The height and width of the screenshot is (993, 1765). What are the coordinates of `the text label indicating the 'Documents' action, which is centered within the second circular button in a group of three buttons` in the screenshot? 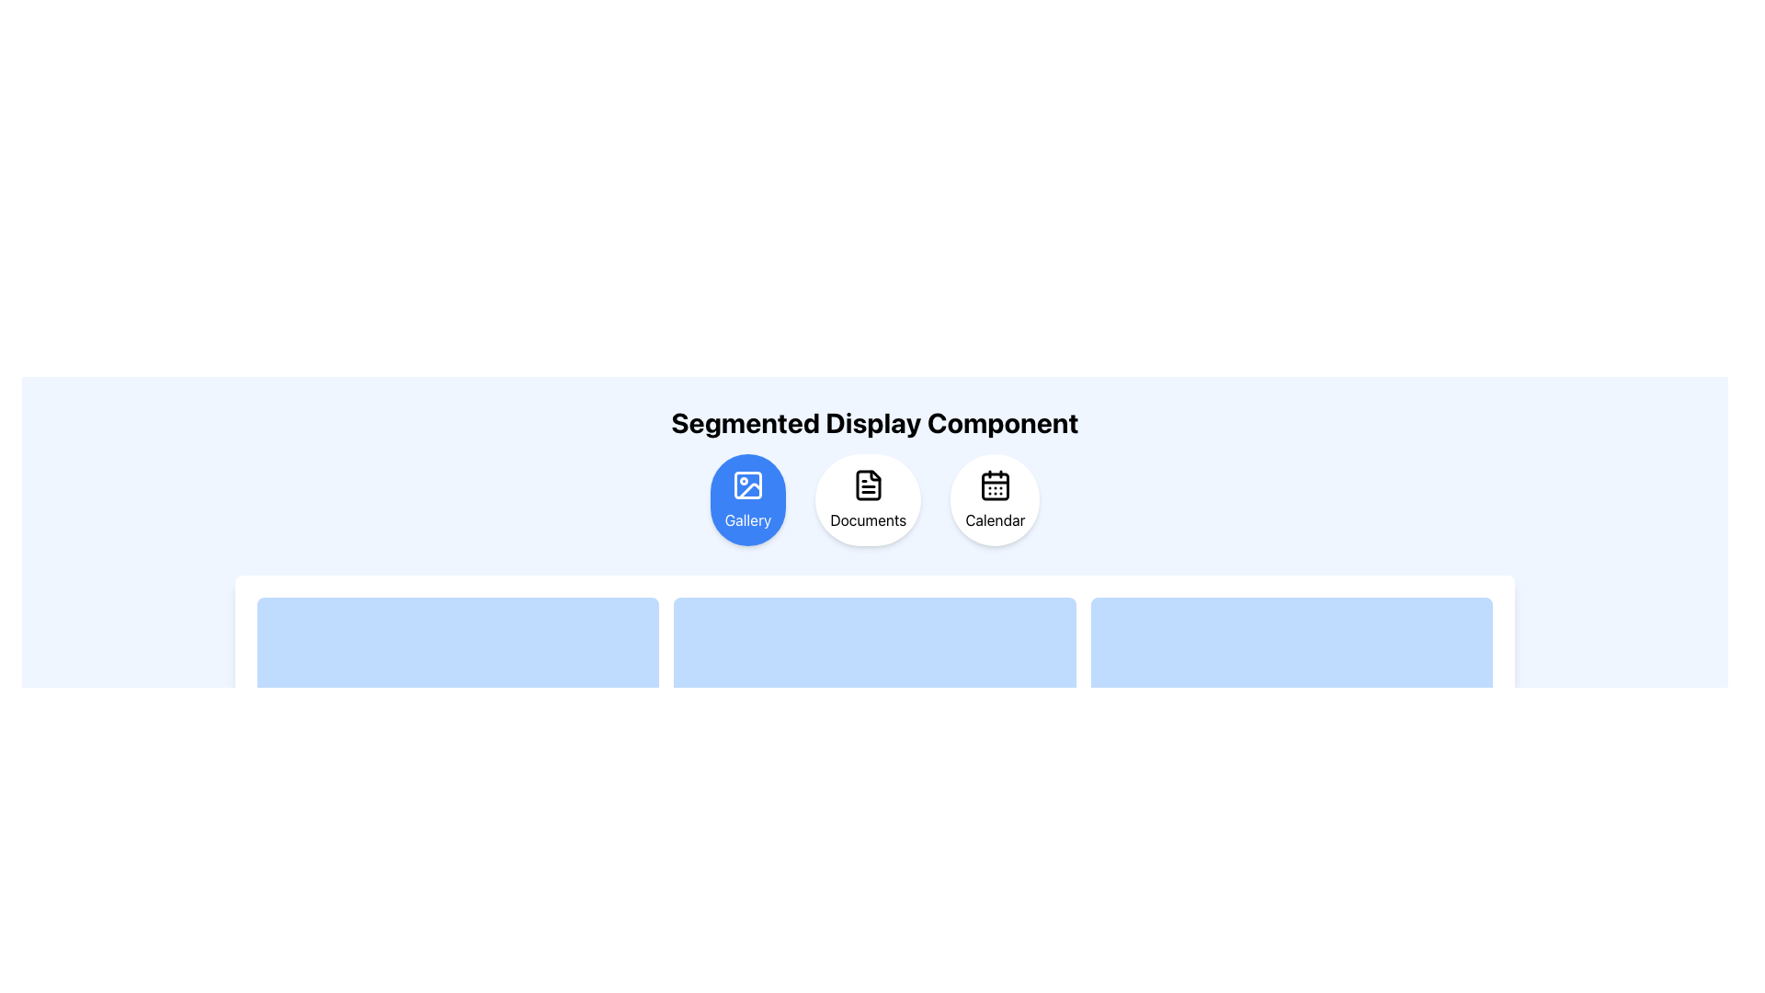 It's located at (867, 520).